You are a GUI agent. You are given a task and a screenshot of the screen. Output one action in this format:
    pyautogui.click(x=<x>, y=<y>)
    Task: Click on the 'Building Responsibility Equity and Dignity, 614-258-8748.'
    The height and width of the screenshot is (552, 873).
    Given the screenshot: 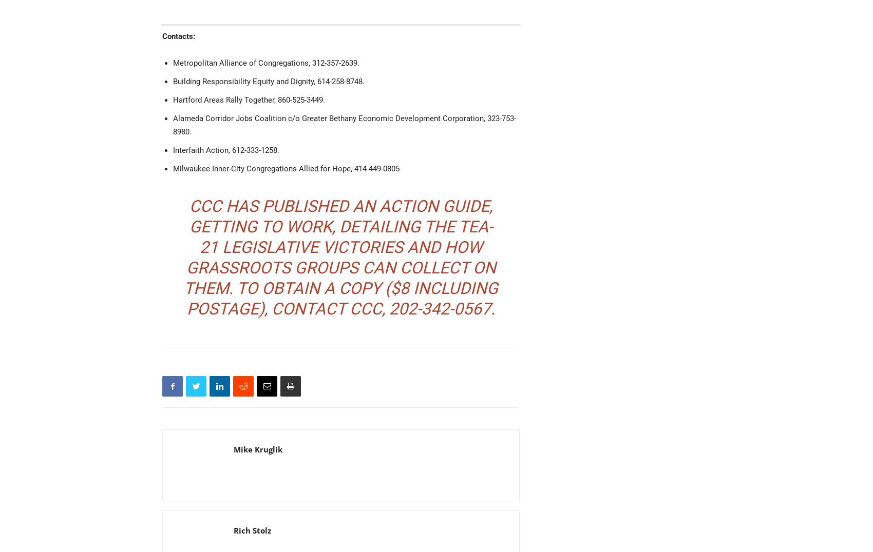 What is the action you would take?
    pyautogui.click(x=269, y=81)
    